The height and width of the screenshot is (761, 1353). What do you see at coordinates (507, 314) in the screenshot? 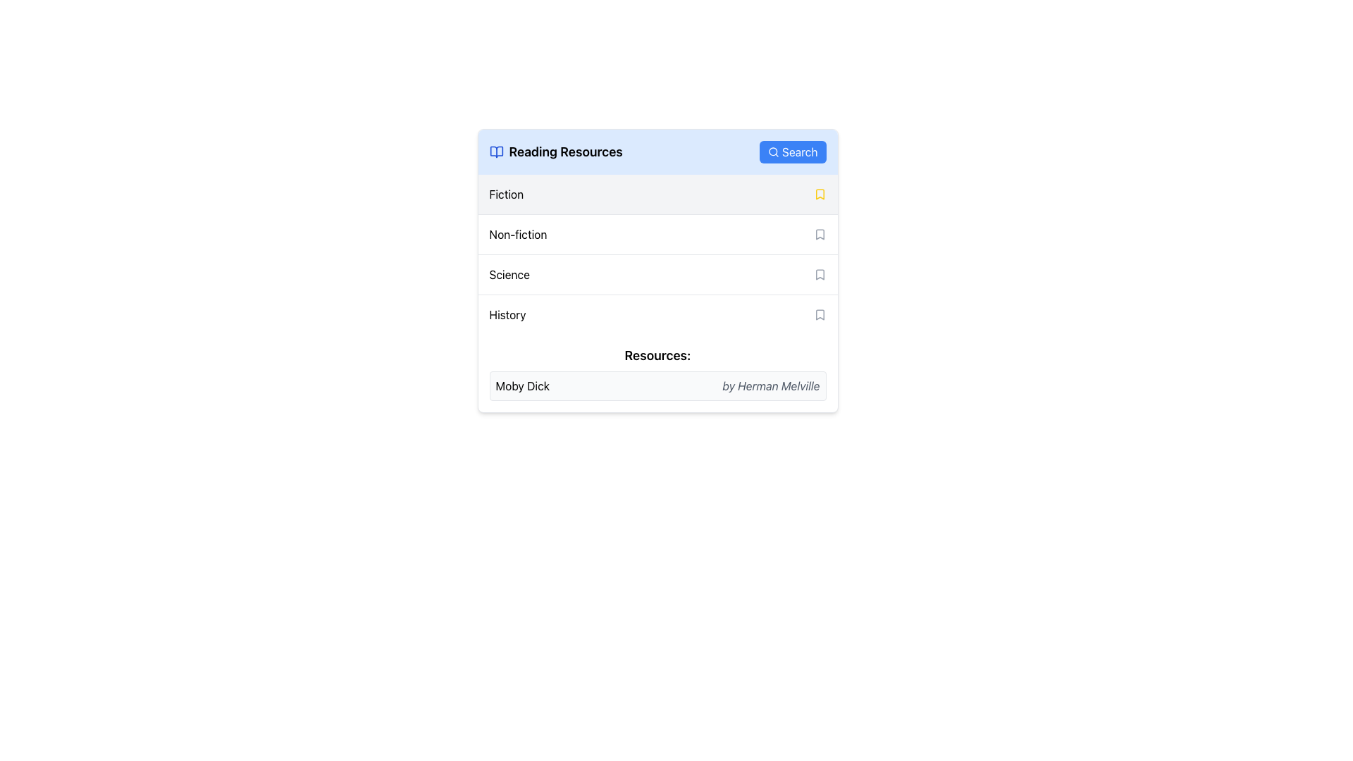
I see `the 'History' text label in the vertical list of categories` at bounding box center [507, 314].